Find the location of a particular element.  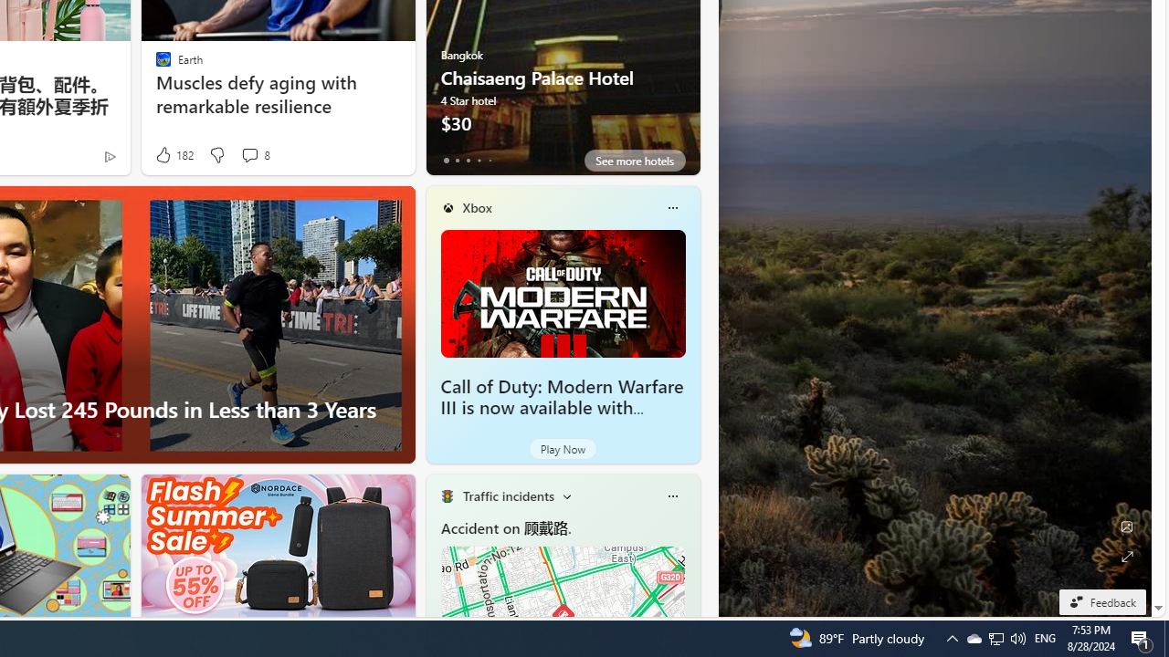

'Play Now' is located at coordinates (562, 449).